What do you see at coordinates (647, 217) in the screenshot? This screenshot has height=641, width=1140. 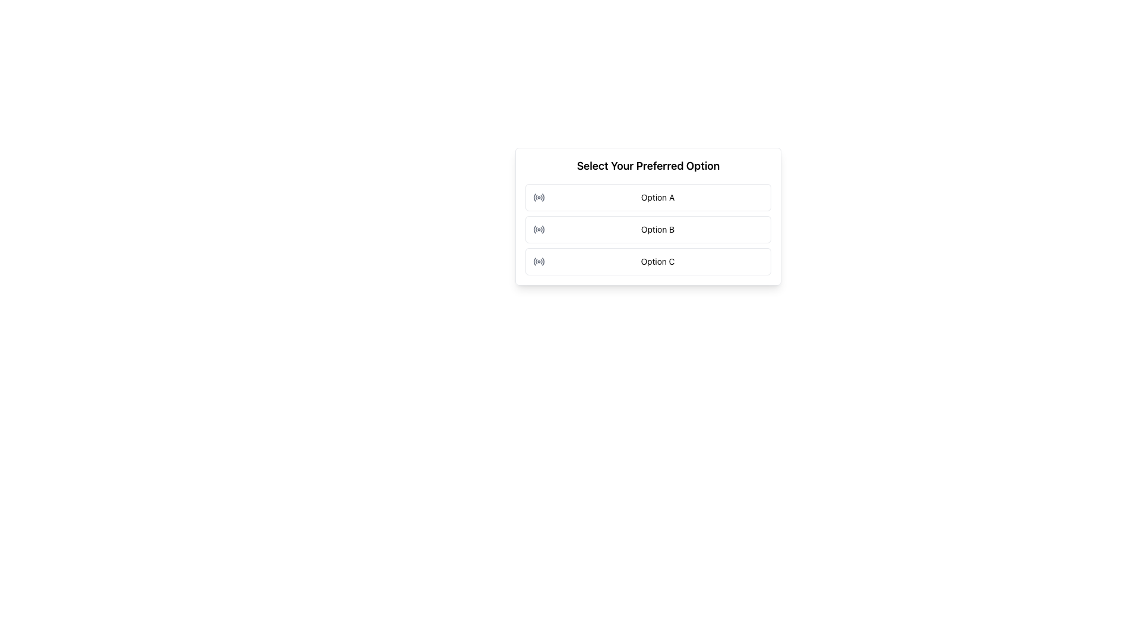 I see `the second selectable option in the single-choice selection menu` at bounding box center [647, 217].